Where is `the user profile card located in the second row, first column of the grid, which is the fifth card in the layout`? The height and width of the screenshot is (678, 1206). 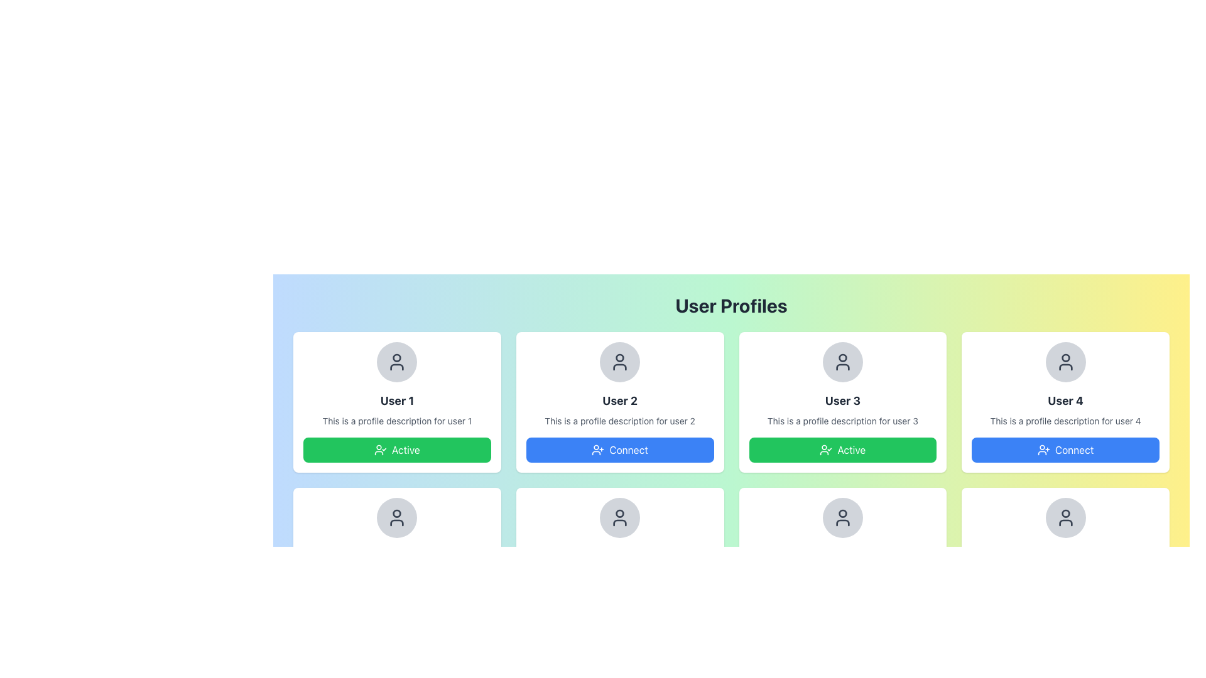 the user profile card located in the second row, first column of the grid, which is the fifth card in the layout is located at coordinates (396, 557).